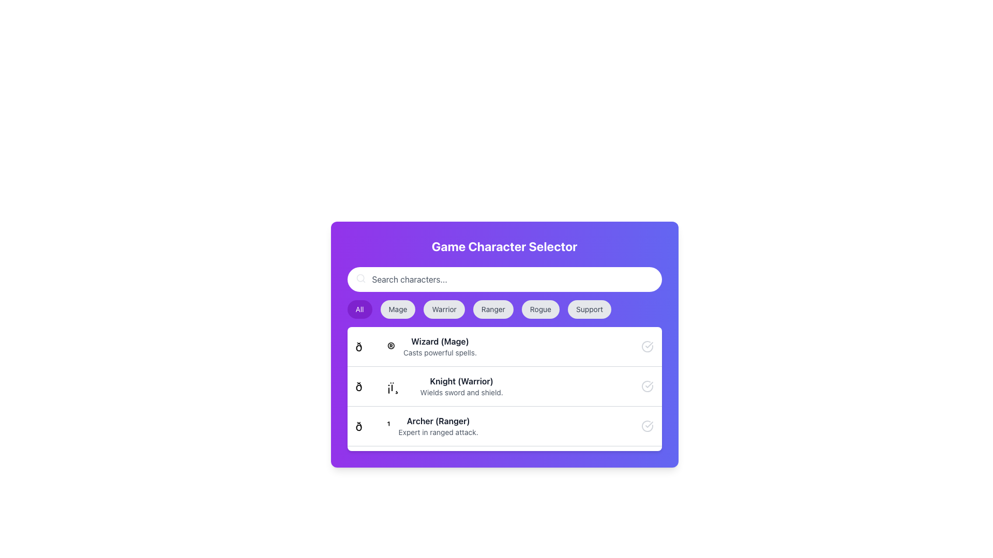 The image size is (993, 558). What do you see at coordinates (646, 426) in the screenshot?
I see `the interactive icon indicating selection or approval for the 'Archer (Ranger)' entry in the Game Character Selector interface, located at the extreme right of the row aligned with 'Expert in ranged attack.'` at bounding box center [646, 426].